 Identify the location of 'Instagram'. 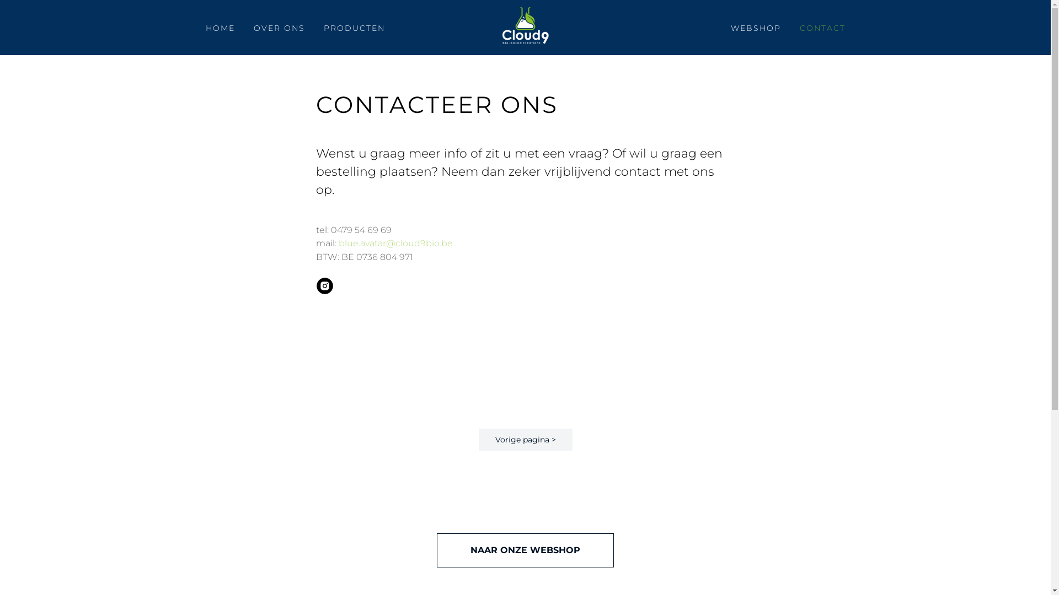
(324, 290).